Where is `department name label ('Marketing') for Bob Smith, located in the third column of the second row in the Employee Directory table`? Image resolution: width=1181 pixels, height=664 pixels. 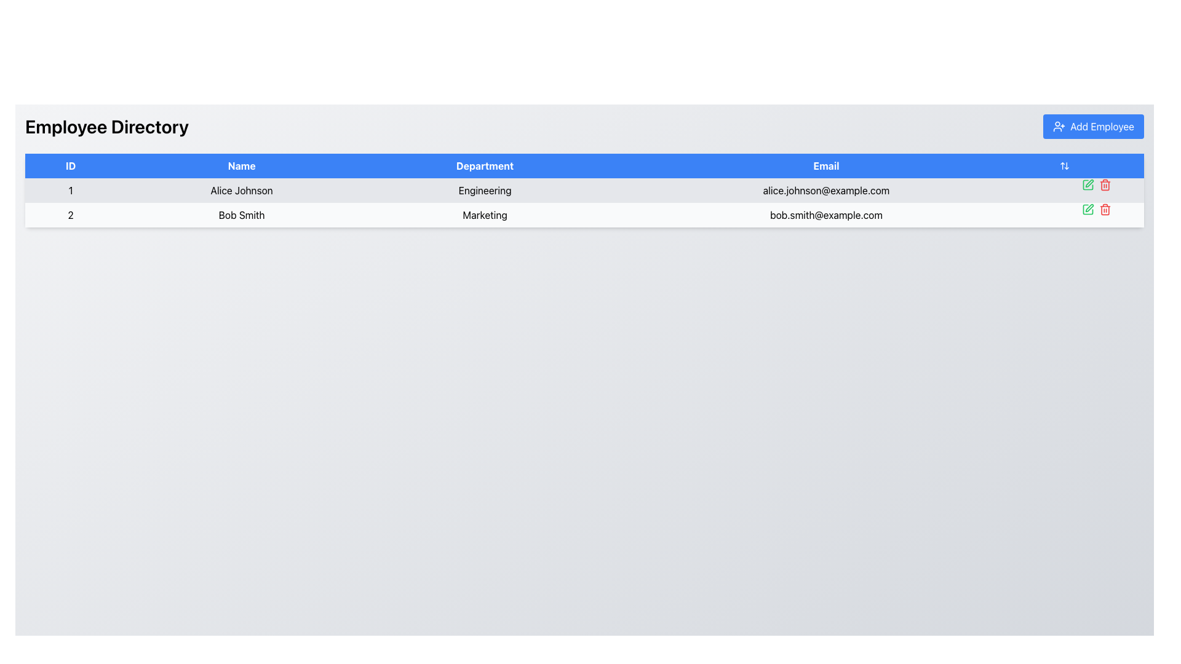 department name label ('Marketing') for Bob Smith, located in the third column of the second row in the Employee Directory table is located at coordinates (484, 215).